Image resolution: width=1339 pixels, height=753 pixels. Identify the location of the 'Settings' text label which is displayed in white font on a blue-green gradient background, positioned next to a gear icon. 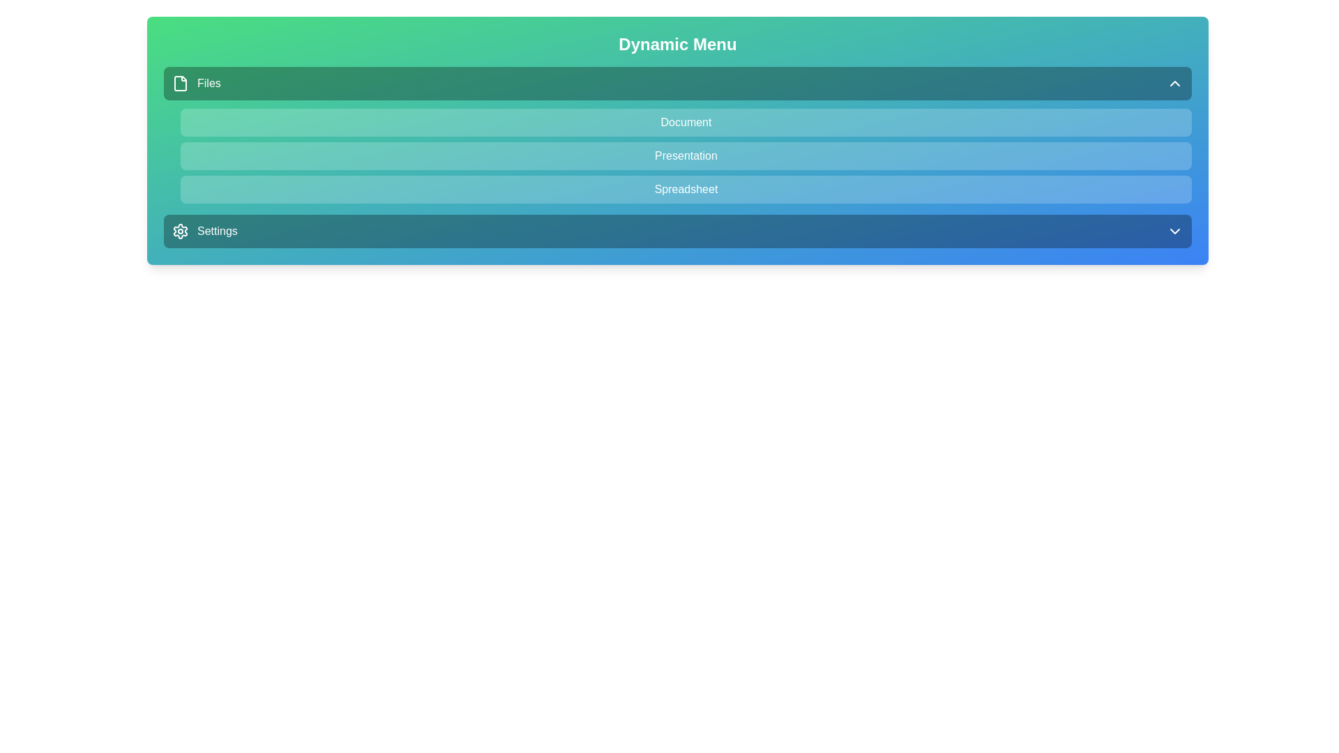
(217, 230).